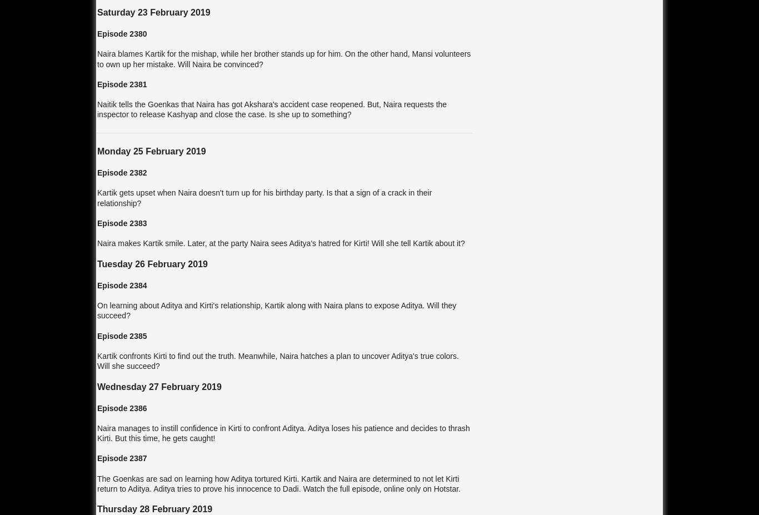 The height and width of the screenshot is (515, 759). What do you see at coordinates (121, 285) in the screenshot?
I see `'Episode 2384'` at bounding box center [121, 285].